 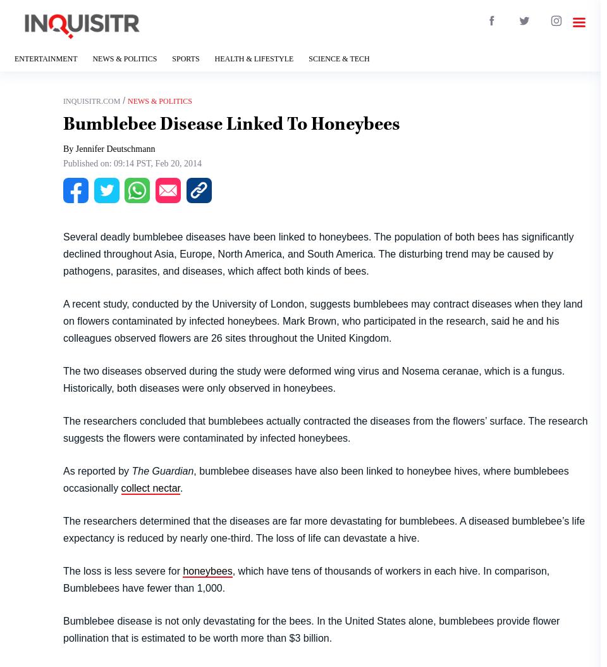 What do you see at coordinates (207, 570) in the screenshot?
I see `'honeybees'` at bounding box center [207, 570].